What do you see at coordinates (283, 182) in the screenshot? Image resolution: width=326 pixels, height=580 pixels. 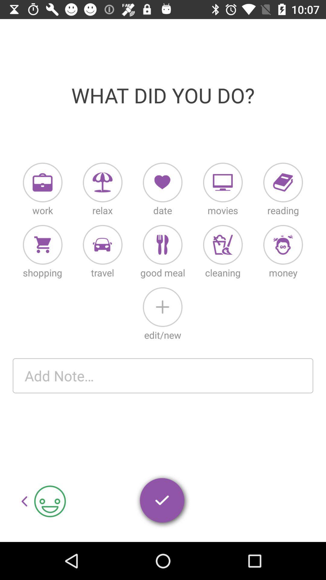 I see `choose` at bounding box center [283, 182].